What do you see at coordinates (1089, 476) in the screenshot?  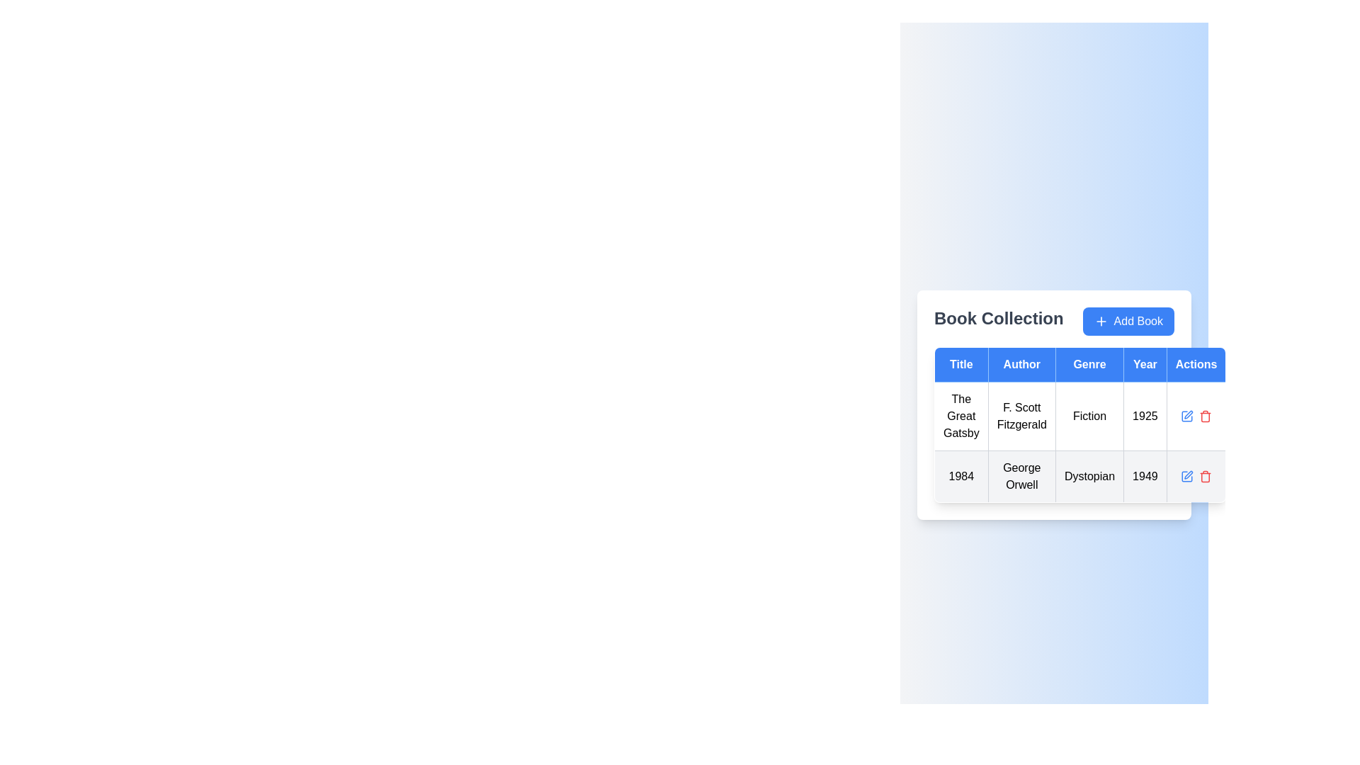 I see `the text field displaying the genre of the book '1984' in the 'Genre' column of the 'Book Collection' table, located in the second row, third cell` at bounding box center [1089, 476].